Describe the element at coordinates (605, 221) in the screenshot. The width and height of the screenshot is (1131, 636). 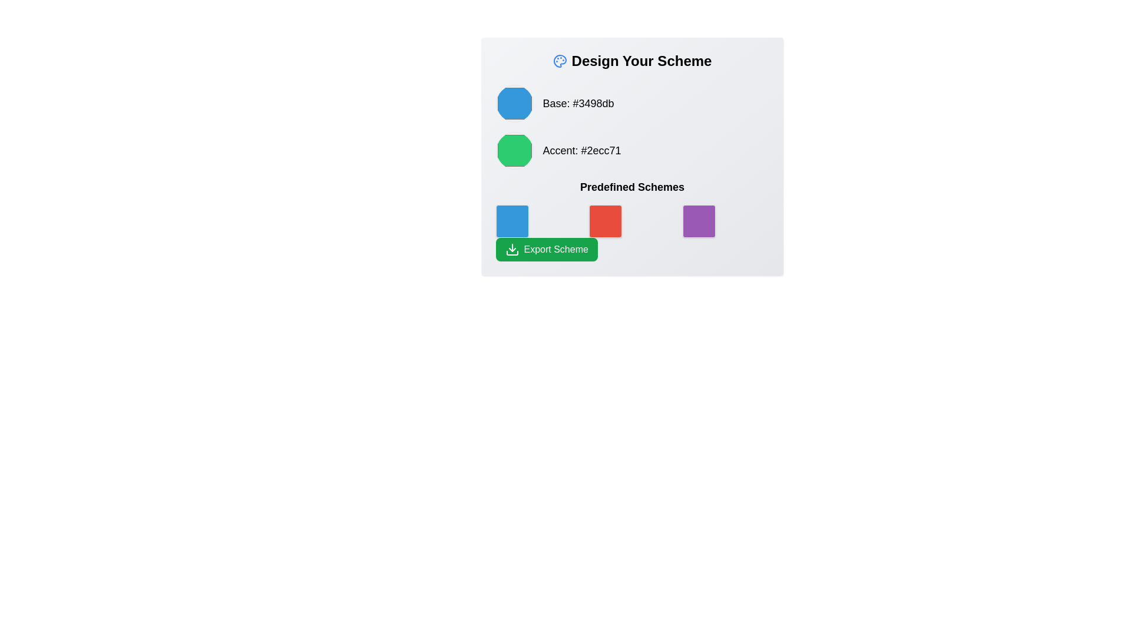
I see `the red square button located in the 'Predefined Schemes' section` at that location.